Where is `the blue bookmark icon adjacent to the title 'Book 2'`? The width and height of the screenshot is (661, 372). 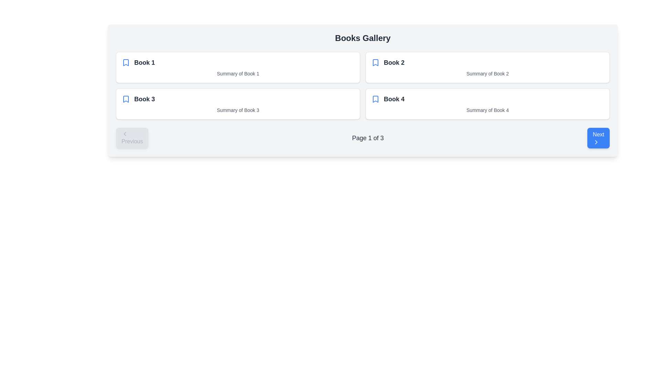 the blue bookmark icon adjacent to the title 'Book 2' is located at coordinates (375, 62).